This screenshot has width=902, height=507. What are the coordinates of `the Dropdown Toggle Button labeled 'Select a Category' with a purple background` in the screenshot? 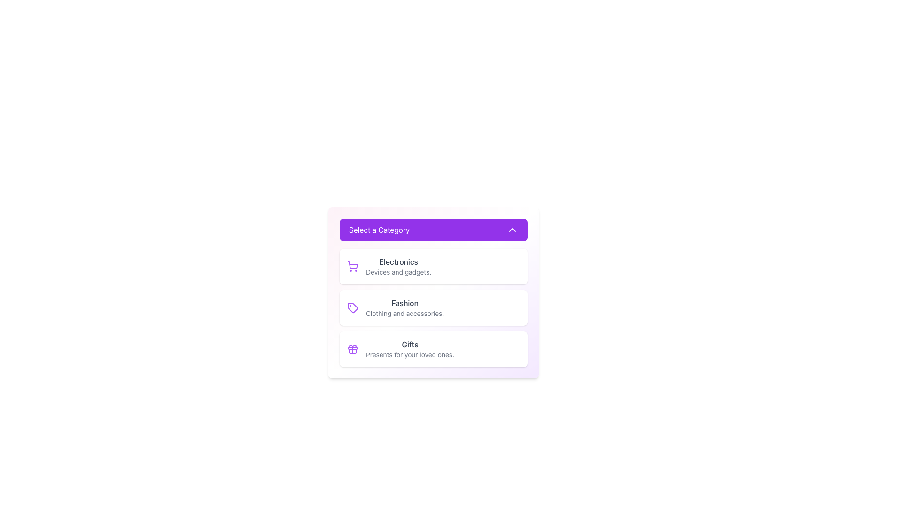 It's located at (433, 230).